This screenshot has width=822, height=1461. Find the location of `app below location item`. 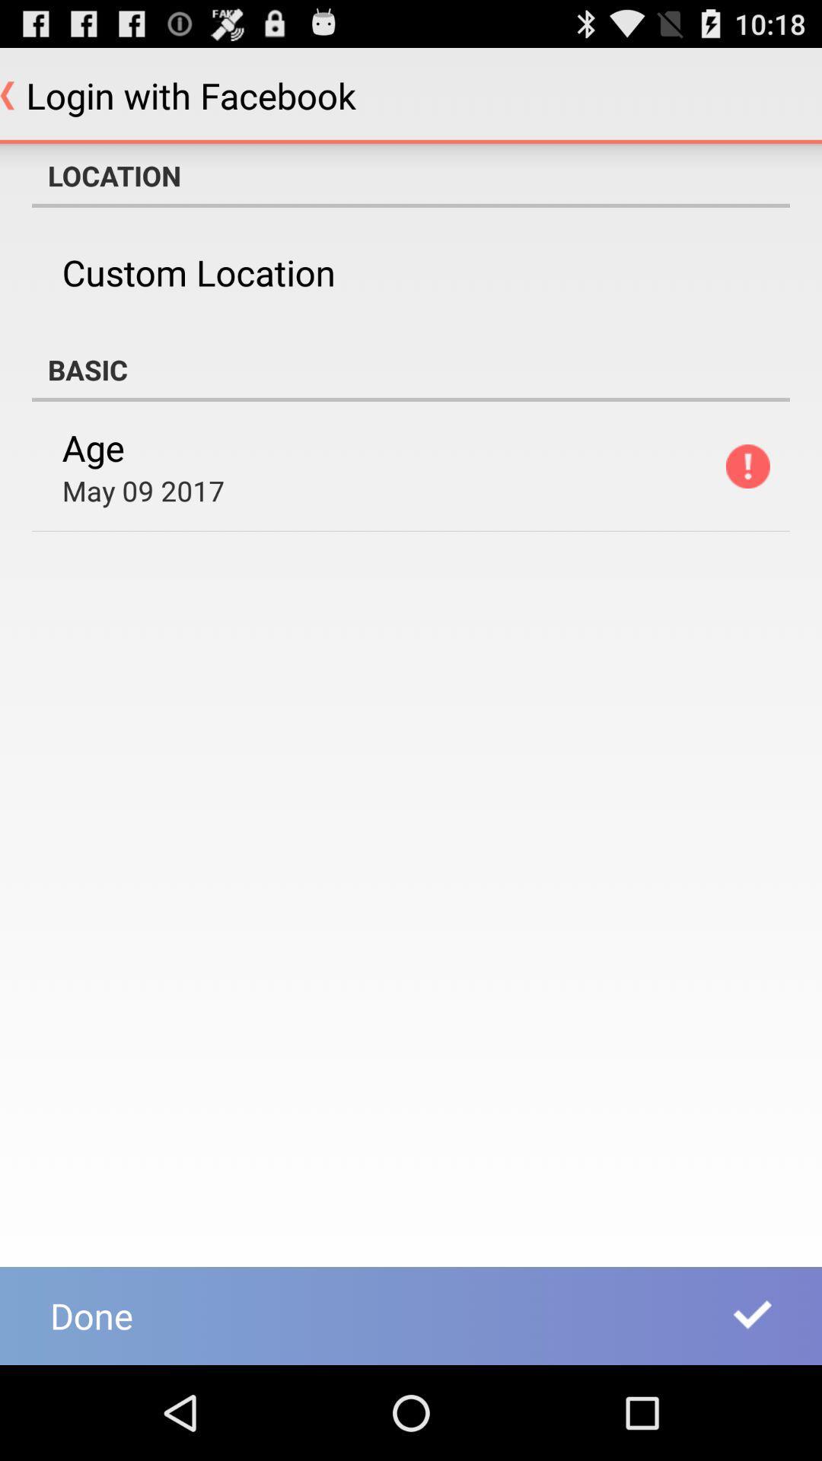

app below location item is located at coordinates (198, 272).